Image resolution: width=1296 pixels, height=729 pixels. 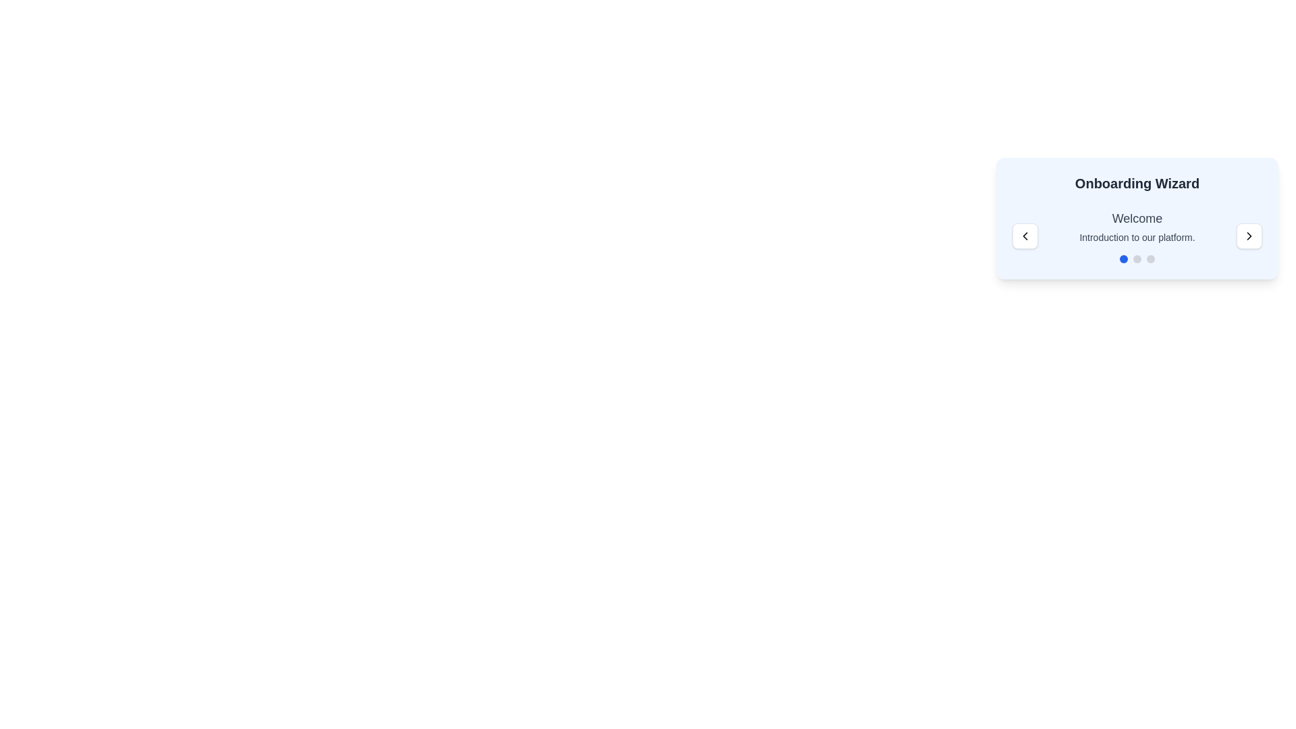 I want to click on the second gray visual navigation indicator dot in the horizontal group on the 'Onboarding Wizard' UI card, so click(x=1136, y=259).